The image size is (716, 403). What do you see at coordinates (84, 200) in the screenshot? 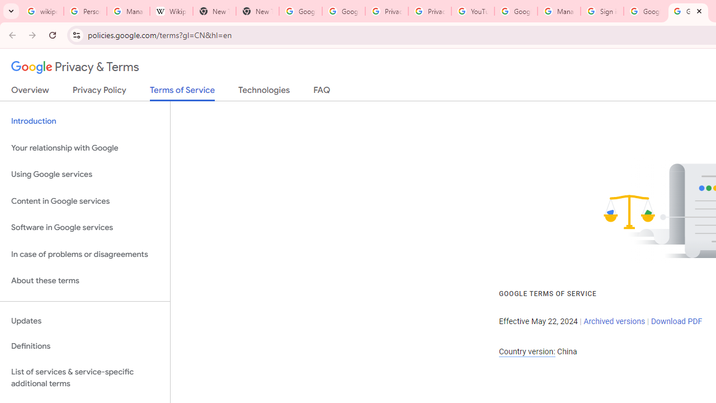
I see `'Content in Google services'` at bounding box center [84, 200].